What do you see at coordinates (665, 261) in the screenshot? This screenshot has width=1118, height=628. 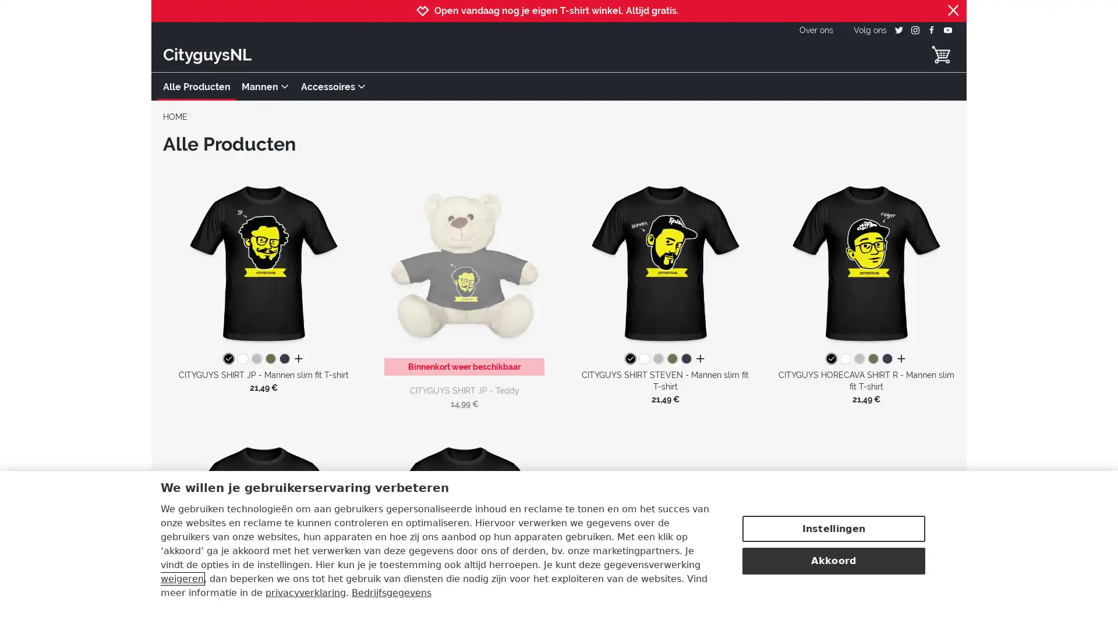 I see `CITYGUYS SHIRT STEVEN - Mannen slim fit T-shirt` at bounding box center [665, 261].